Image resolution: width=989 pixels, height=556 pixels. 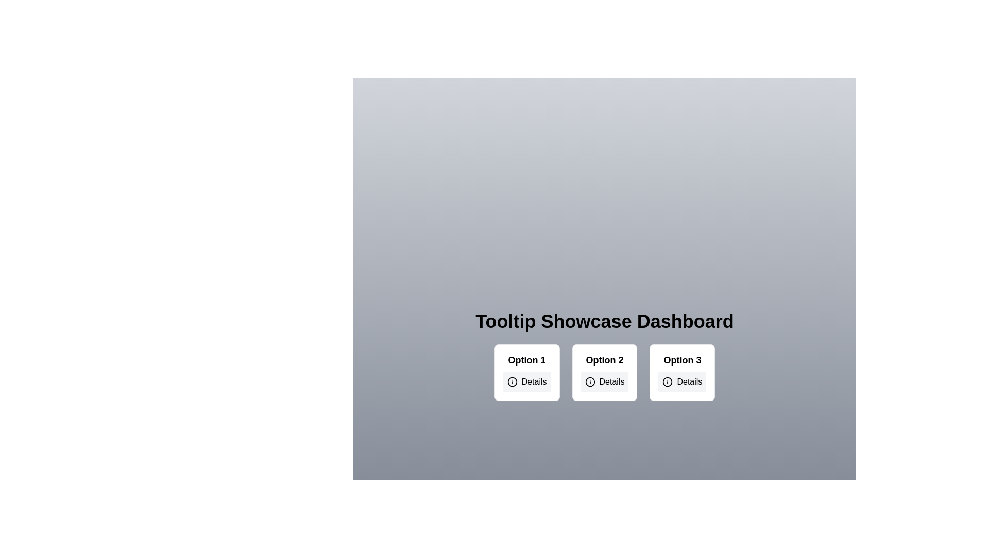 What do you see at coordinates (682, 359) in the screenshot?
I see `the text label that says 'Option 3', which is prominently displayed in bold font within a white rectangular section, located at the top-center of the third card in a row of options` at bounding box center [682, 359].